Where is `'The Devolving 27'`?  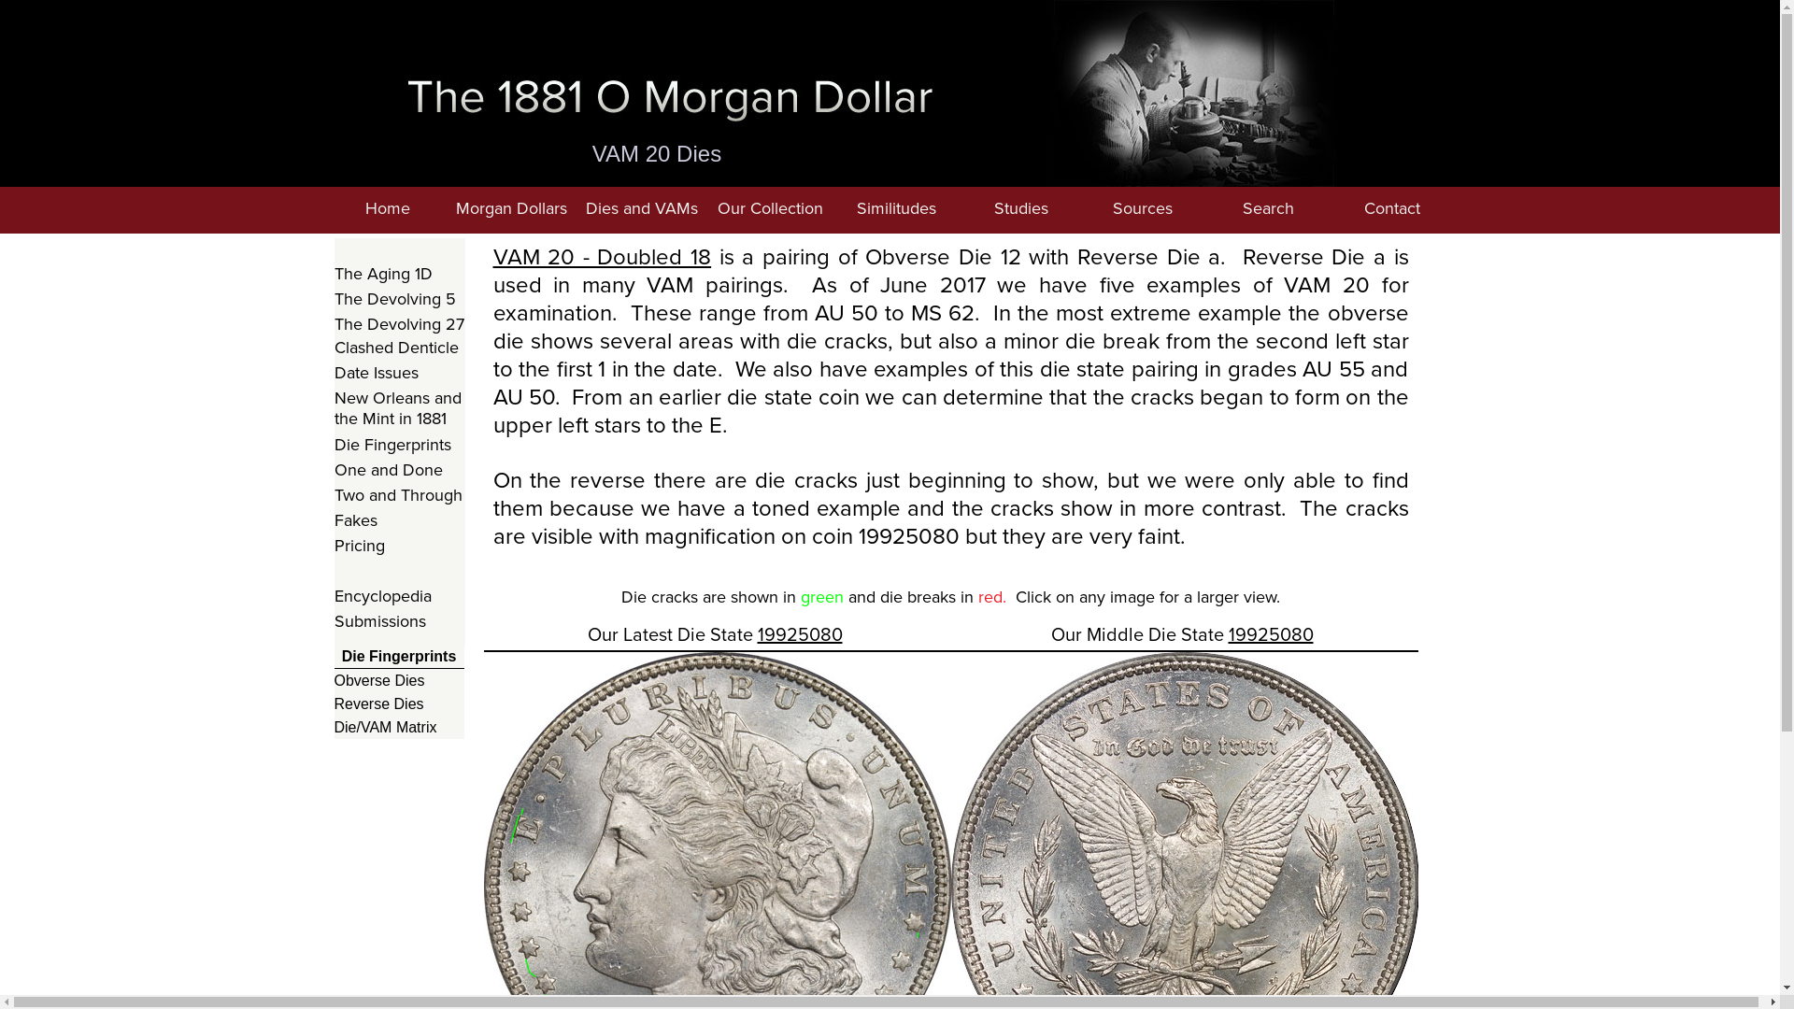 'The Devolving 27' is located at coordinates (398, 323).